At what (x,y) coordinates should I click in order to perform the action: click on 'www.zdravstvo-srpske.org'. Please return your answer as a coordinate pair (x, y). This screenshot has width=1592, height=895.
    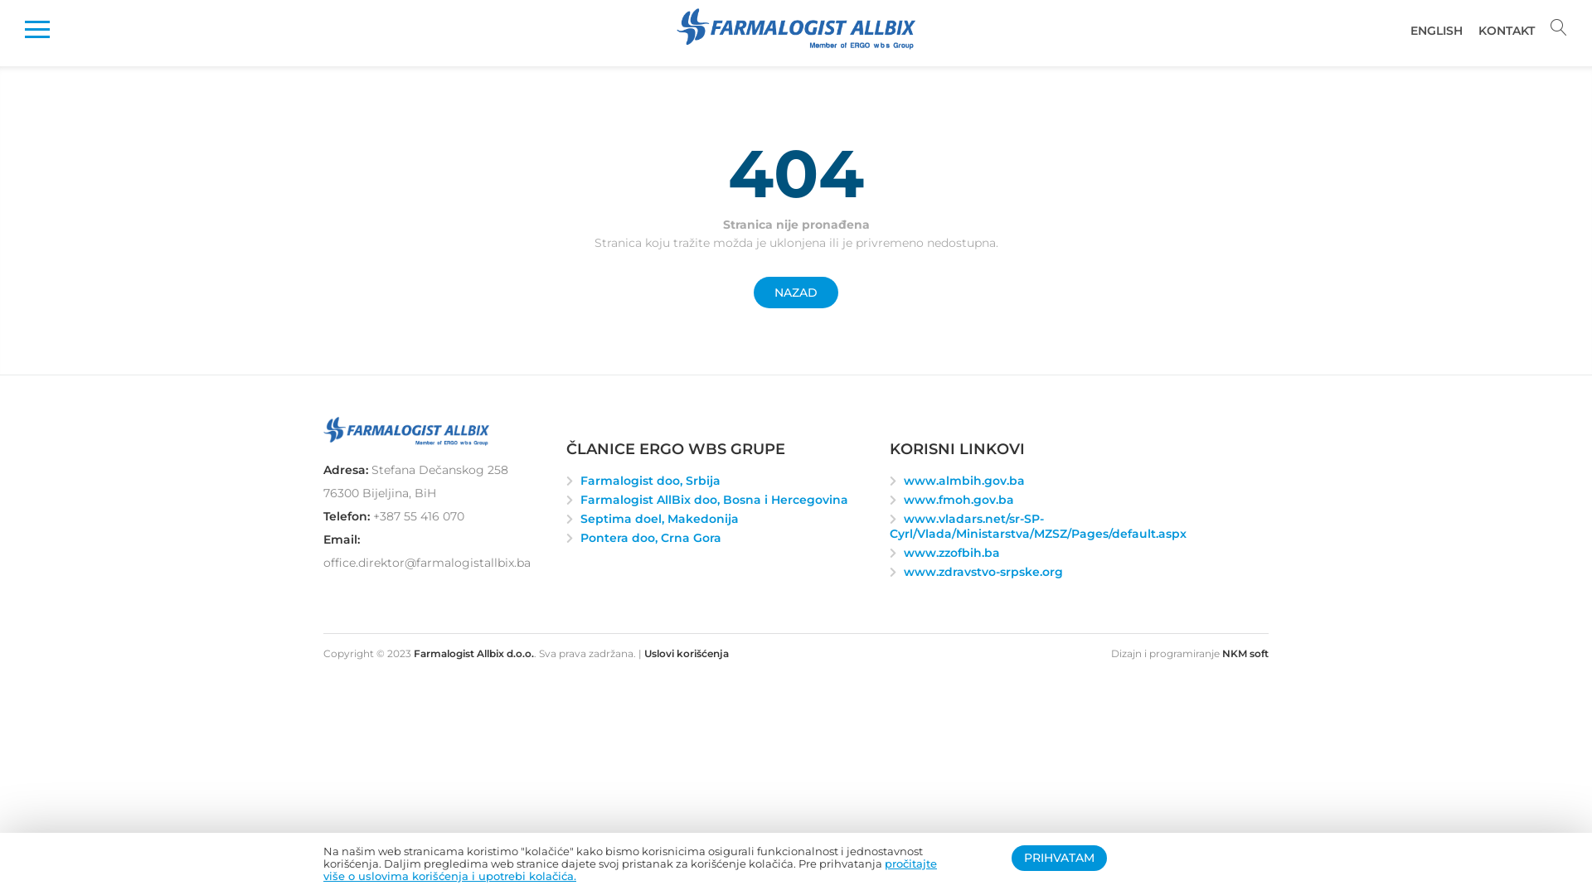
    Looking at the image, I should click on (983, 571).